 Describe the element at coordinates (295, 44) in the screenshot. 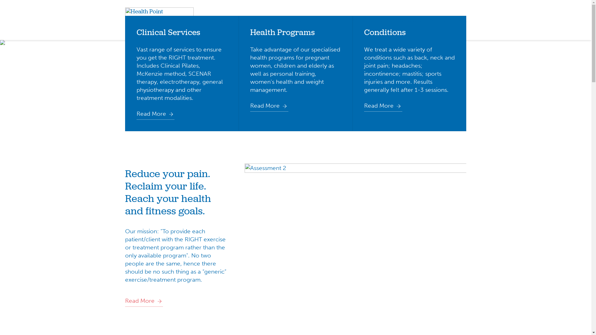

I see `'hp-slide-1 1'` at that location.